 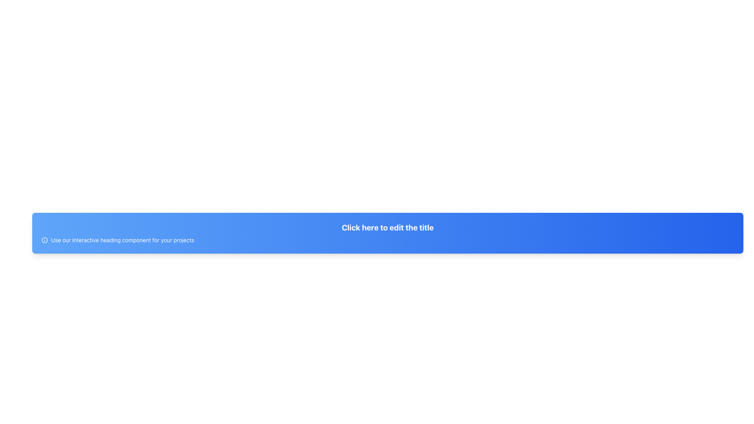 I want to click on the bold text stating 'Click here to edit the title', so click(x=388, y=227).